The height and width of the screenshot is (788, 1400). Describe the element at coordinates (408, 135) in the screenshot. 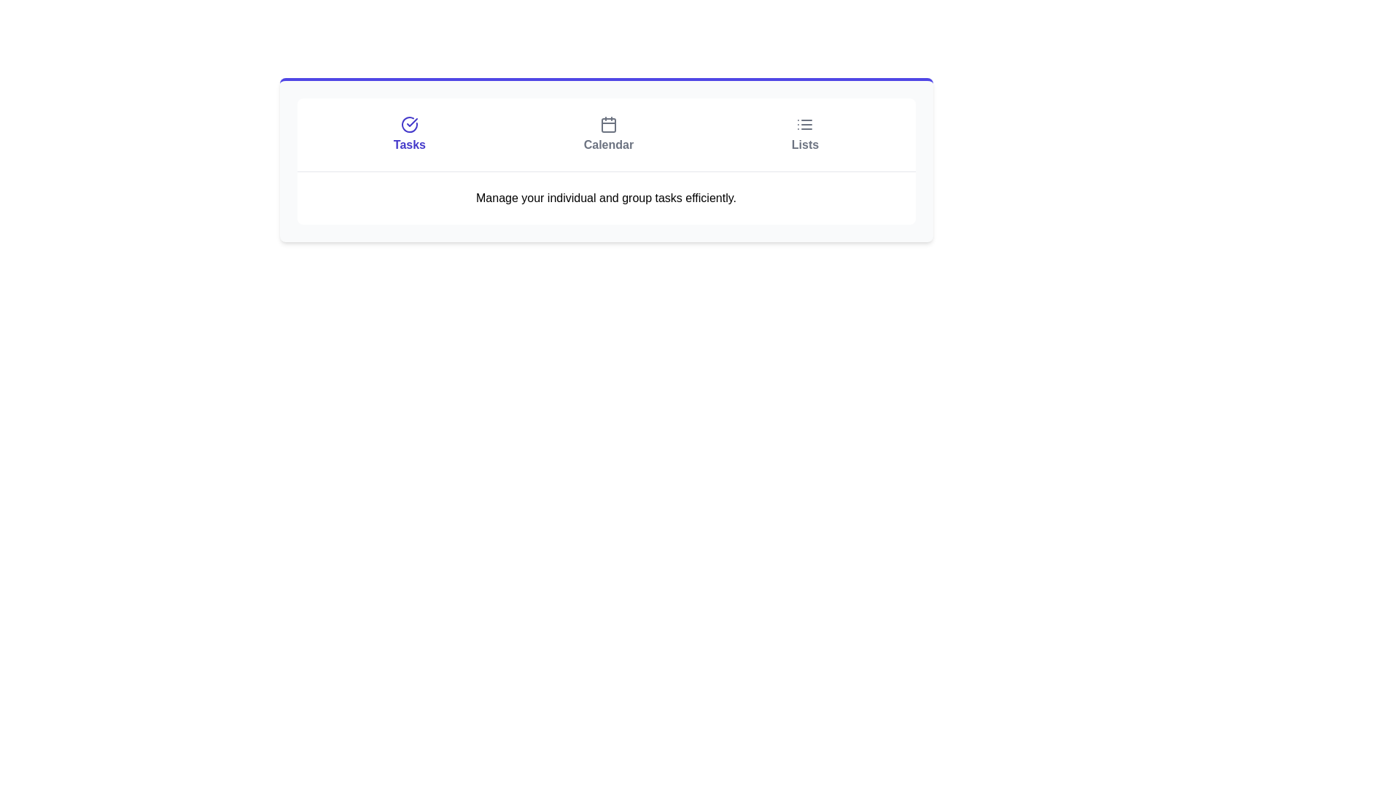

I see `the blue checkmark button in the navigation bar above the 'Tasks' label to indicate interactivity` at that location.